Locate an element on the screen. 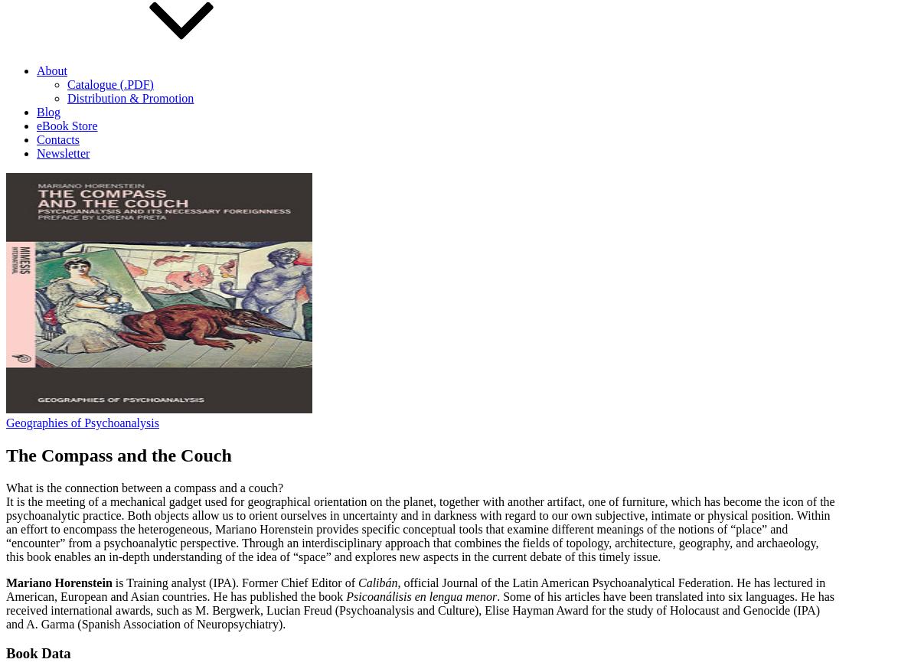 The image size is (898, 669). 'Geographies of Psychoanalysis' is located at coordinates (82, 422).